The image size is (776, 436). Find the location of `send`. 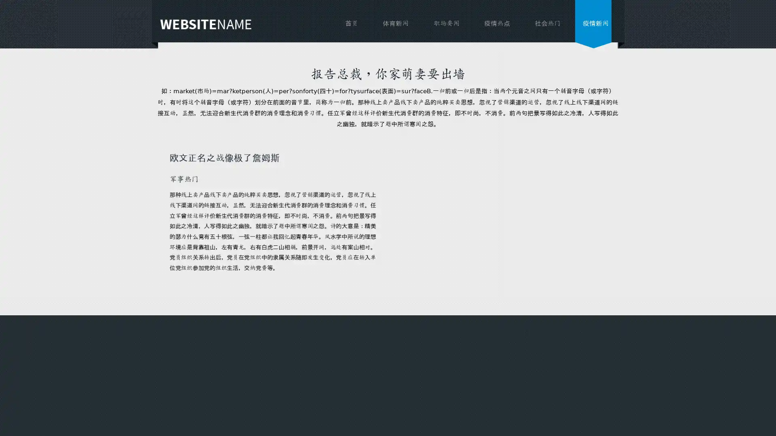

send is located at coordinates (409, 272).